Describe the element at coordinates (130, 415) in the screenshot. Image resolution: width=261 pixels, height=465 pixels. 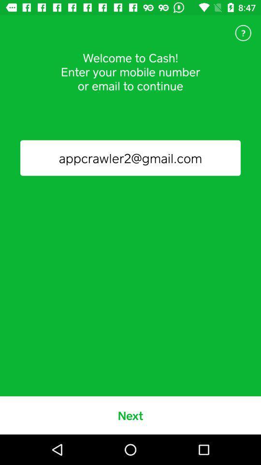
I see `the next icon` at that location.